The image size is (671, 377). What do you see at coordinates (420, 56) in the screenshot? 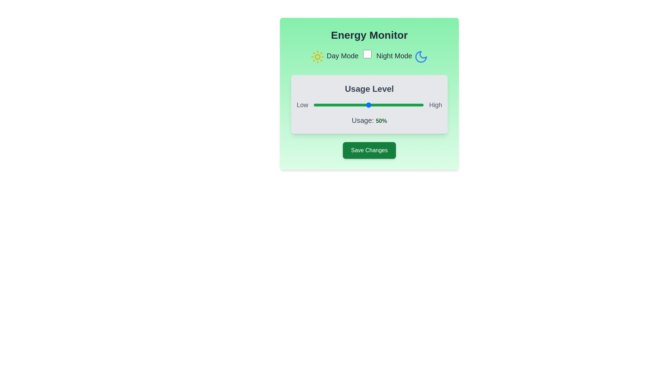
I see `the moon icon SVG graphic located at the top-right corner of the 'Energy Monitor' card` at bounding box center [420, 56].